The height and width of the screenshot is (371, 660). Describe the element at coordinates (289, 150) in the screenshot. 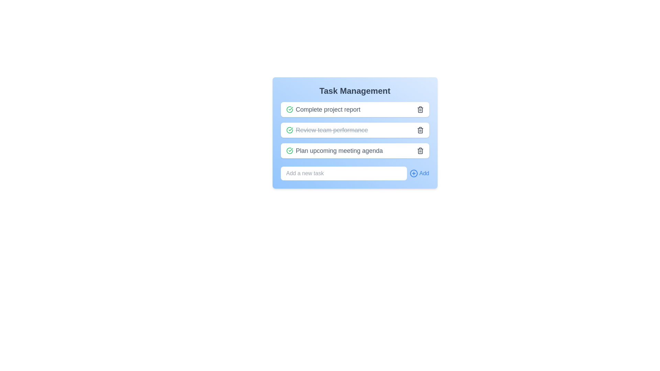

I see `the first Icon button in the third row of the task list for 'Plan upcoming meeting agenda'` at that location.